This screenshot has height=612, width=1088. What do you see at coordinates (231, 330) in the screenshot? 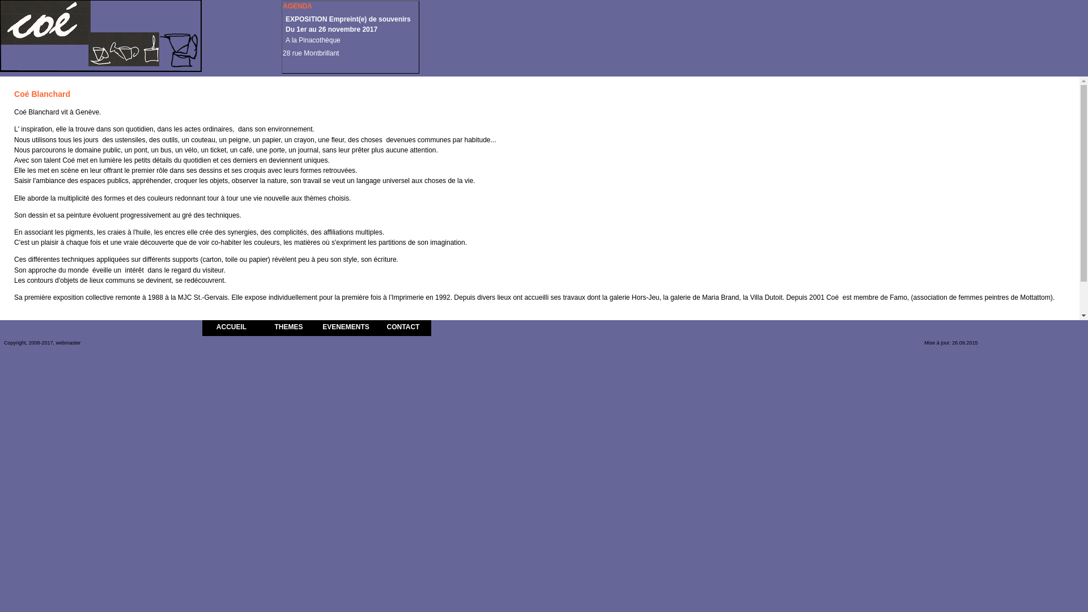
I see `'ACCUEIL'` at bounding box center [231, 330].